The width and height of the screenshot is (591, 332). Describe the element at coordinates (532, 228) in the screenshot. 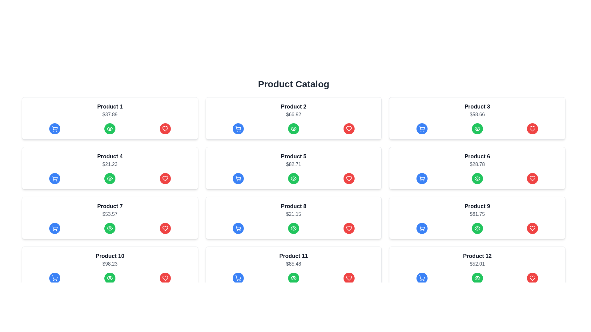

I see `the heart-shaped icon in the 'Product Catalog' interface, located in the third row and third column, to mark the product as favorite` at that location.